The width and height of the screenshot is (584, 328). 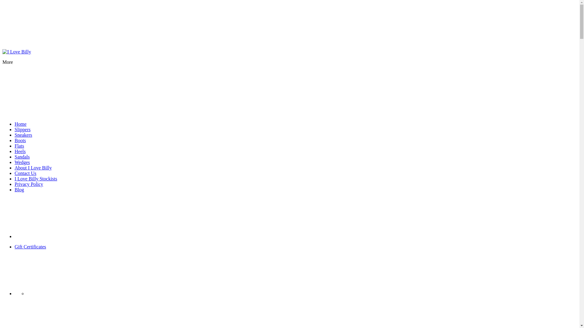 What do you see at coordinates (30, 247) in the screenshot?
I see `'Gift Certificates'` at bounding box center [30, 247].